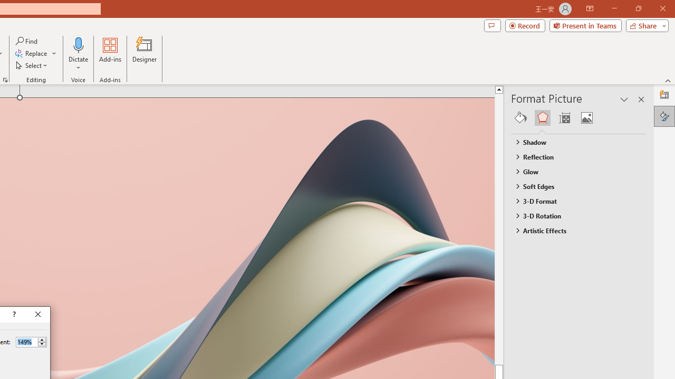  Describe the element at coordinates (564, 117) in the screenshot. I see `'Size & Properties'` at that location.